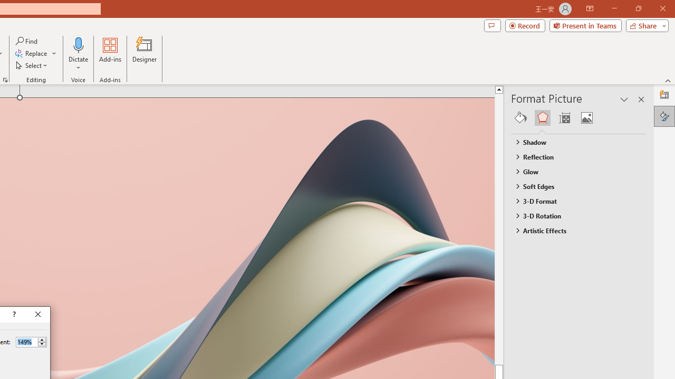  Describe the element at coordinates (564, 117) in the screenshot. I see `'Size & Properties'` at that location.